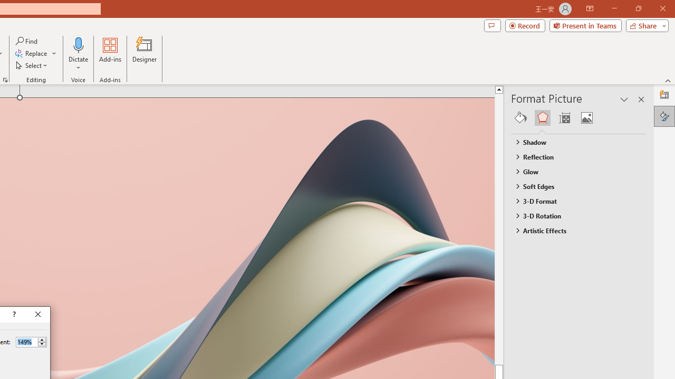  Describe the element at coordinates (564, 117) in the screenshot. I see `'Size & Properties'` at that location.